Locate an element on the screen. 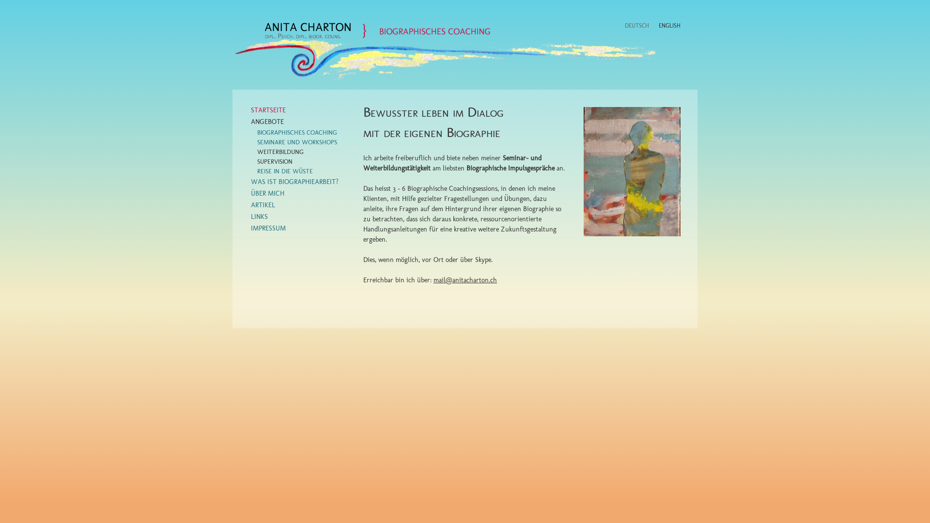 This screenshot has height=523, width=930. 'DEUTSCH' is located at coordinates (637, 25).